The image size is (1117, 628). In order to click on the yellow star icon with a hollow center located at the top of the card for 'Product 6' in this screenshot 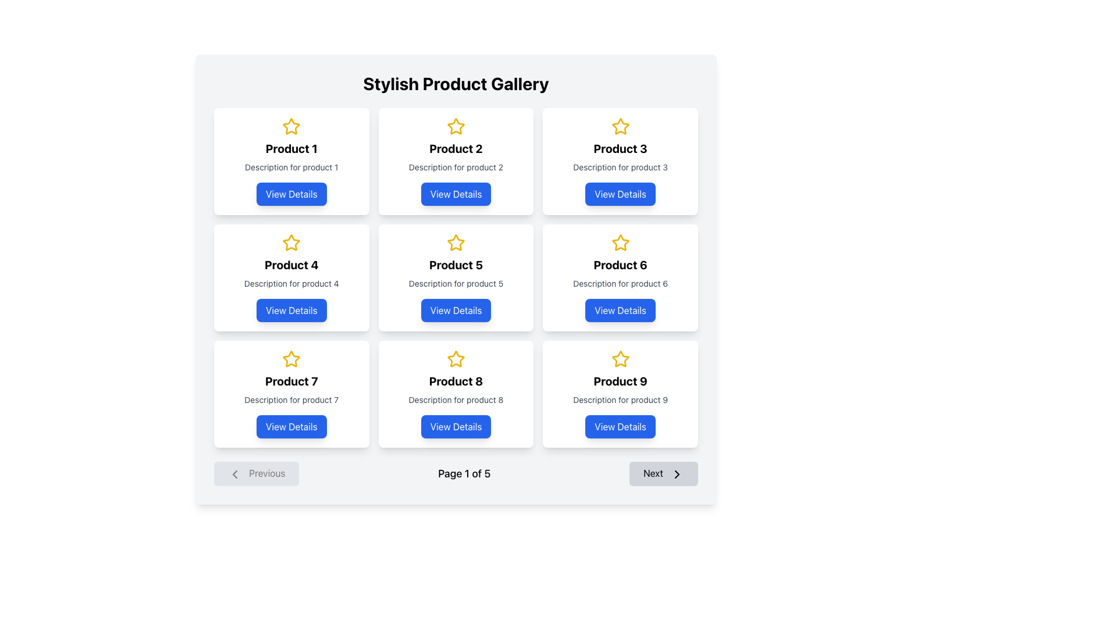, I will do `click(620, 242)`.